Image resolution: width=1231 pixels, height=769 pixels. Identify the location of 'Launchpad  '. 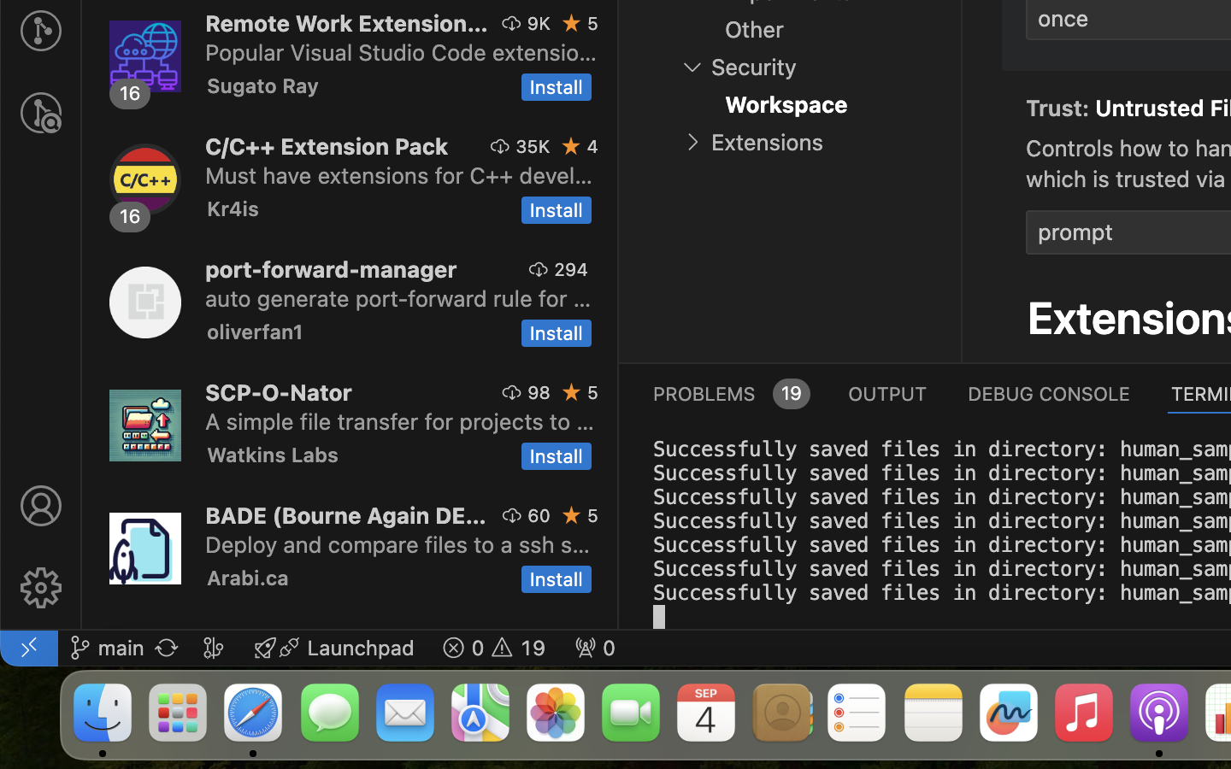
(333, 646).